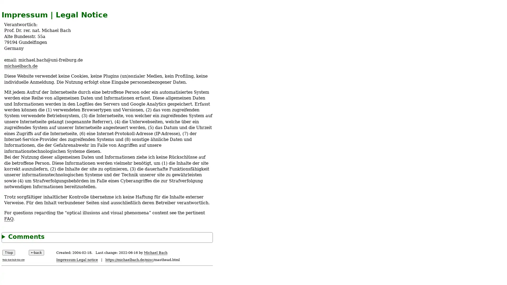  Describe the element at coordinates (9, 252) in the screenshot. I see `top` at that location.